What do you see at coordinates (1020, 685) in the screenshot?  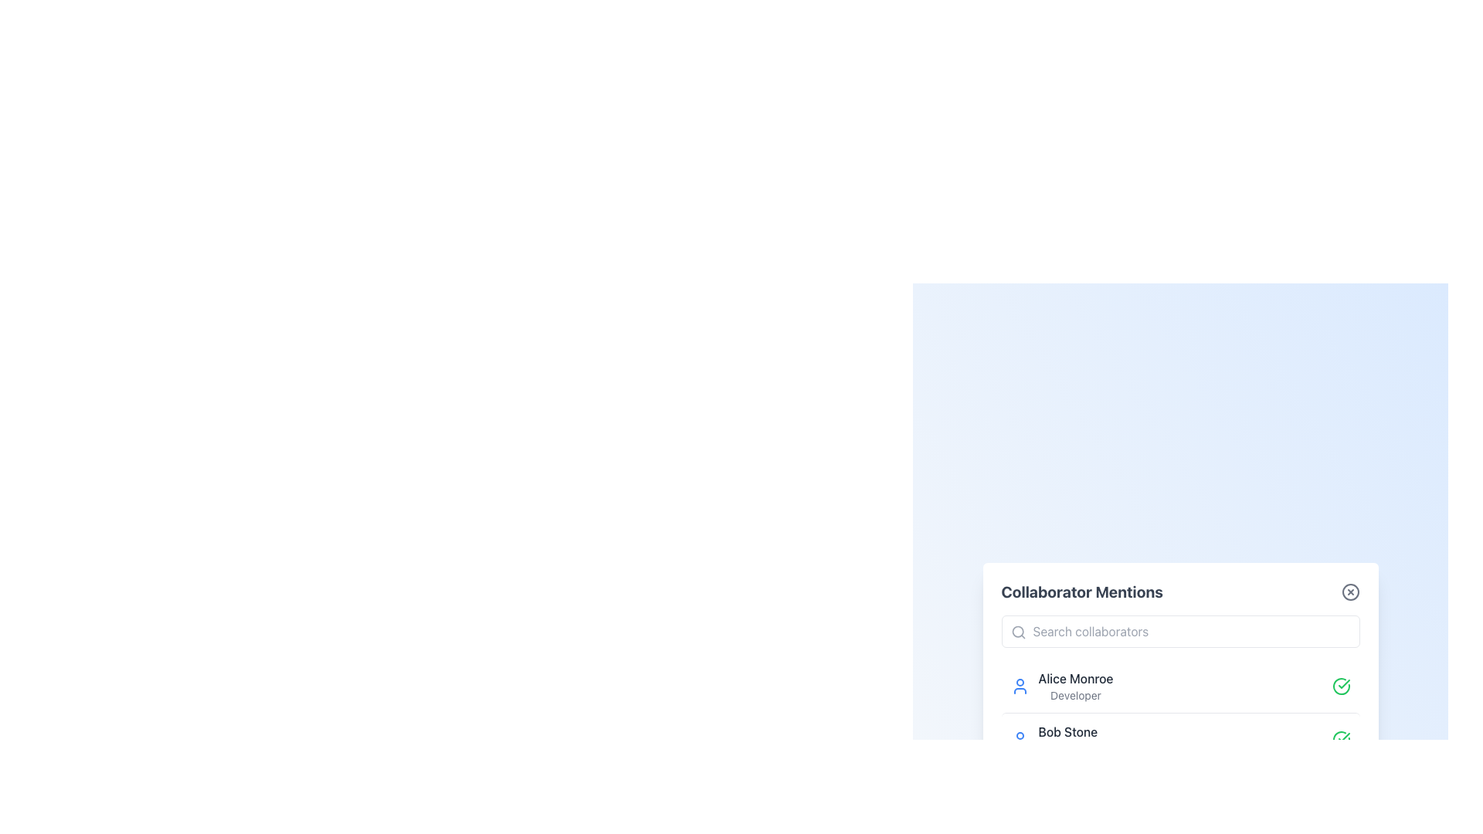 I see `the blue user silhouette icon located to the left of the text 'Alice Monroe Developer'` at bounding box center [1020, 685].